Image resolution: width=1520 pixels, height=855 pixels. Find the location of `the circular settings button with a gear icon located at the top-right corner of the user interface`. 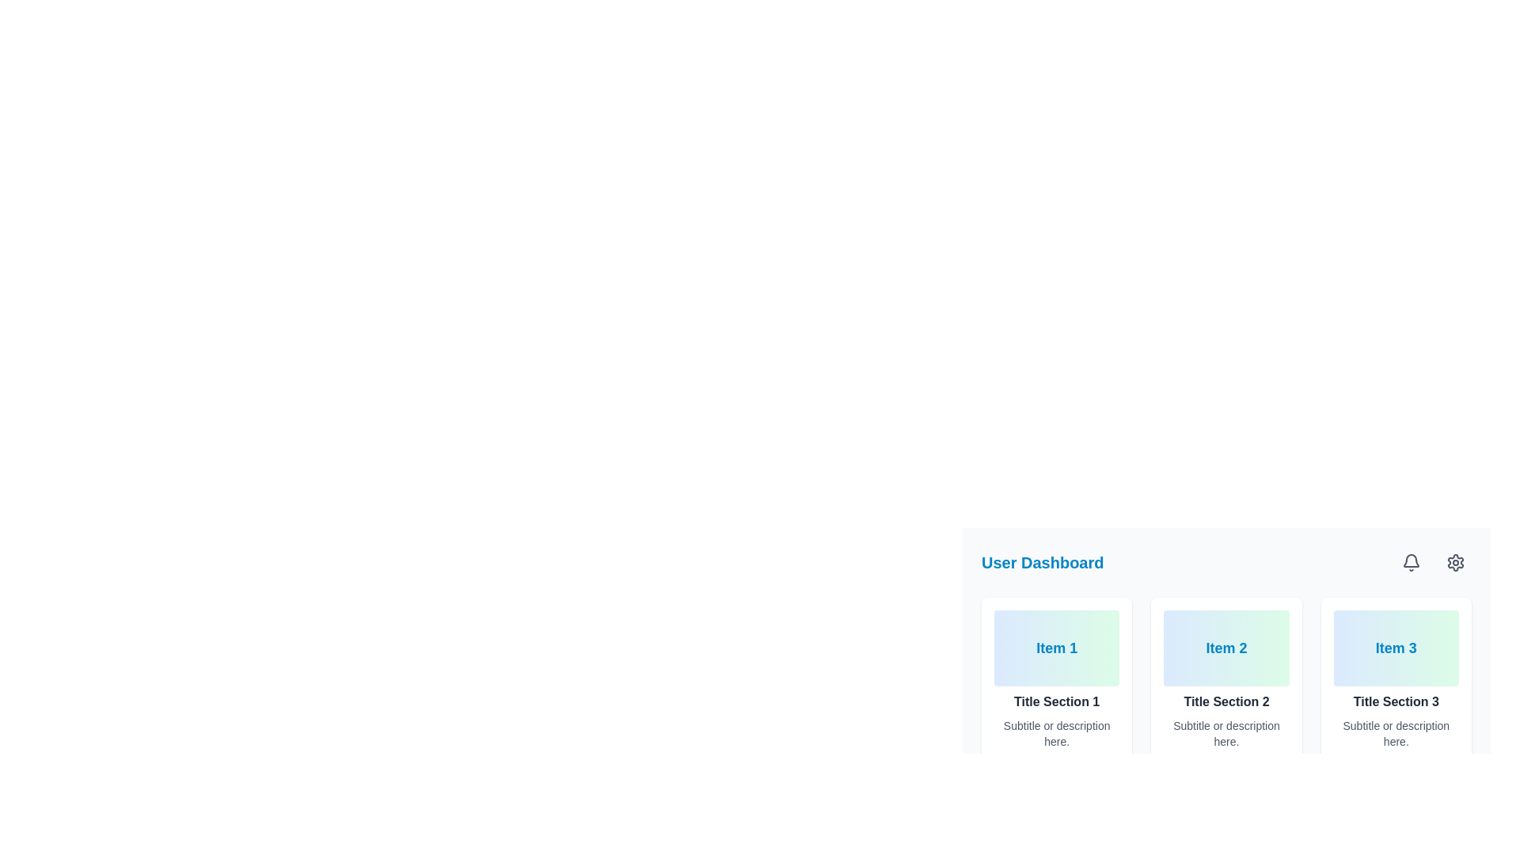

the circular settings button with a gear icon located at the top-right corner of the user interface is located at coordinates (1455, 561).